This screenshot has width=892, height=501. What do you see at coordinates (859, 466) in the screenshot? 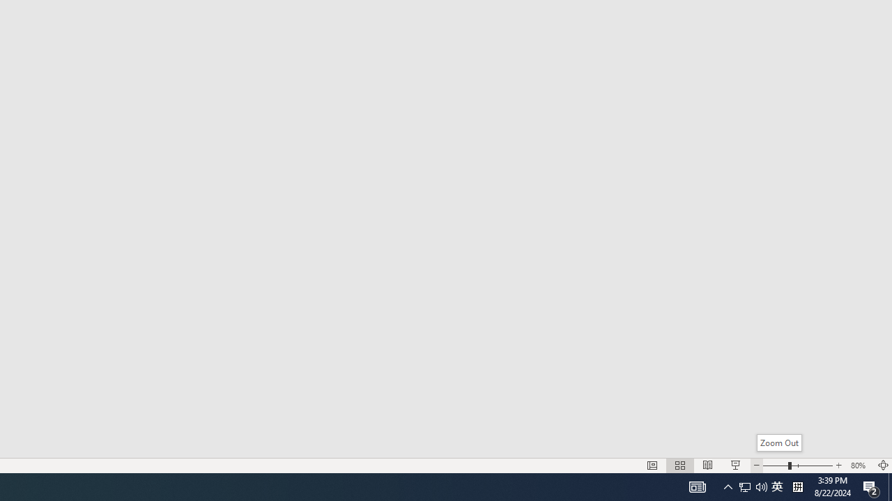
I see `'Zoom 80%'` at bounding box center [859, 466].